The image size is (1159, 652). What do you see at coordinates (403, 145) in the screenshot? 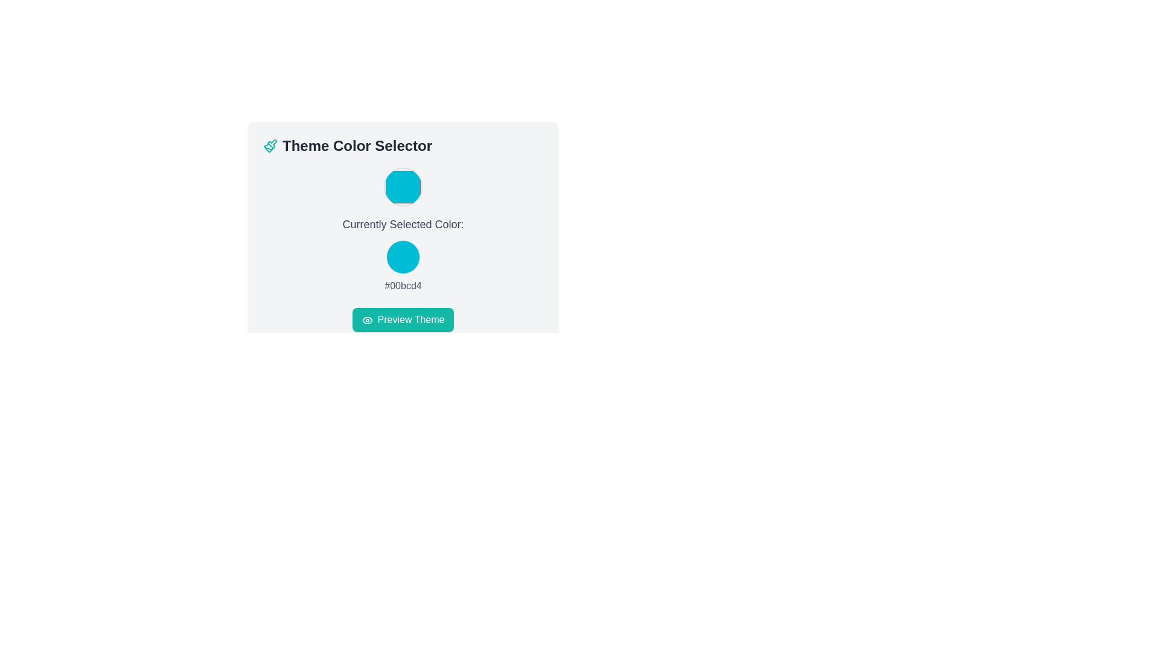
I see `the Text Label at the top of the card layout, which indicates the purpose of selecting a theme color` at bounding box center [403, 145].